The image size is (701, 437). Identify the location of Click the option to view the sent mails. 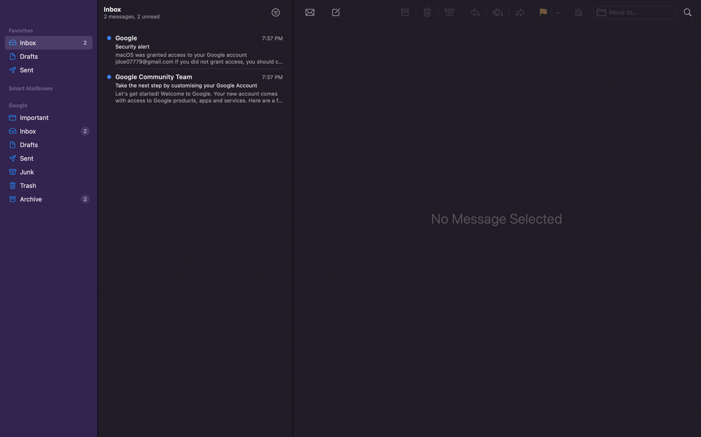
(50, 71).